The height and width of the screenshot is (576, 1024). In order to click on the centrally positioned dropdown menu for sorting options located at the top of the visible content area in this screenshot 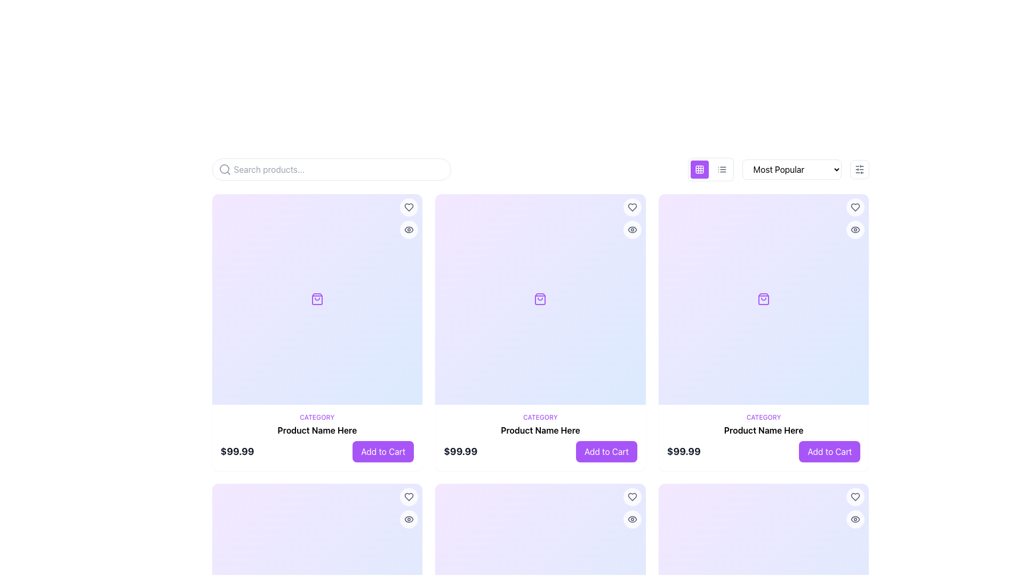, I will do `click(778, 169)`.